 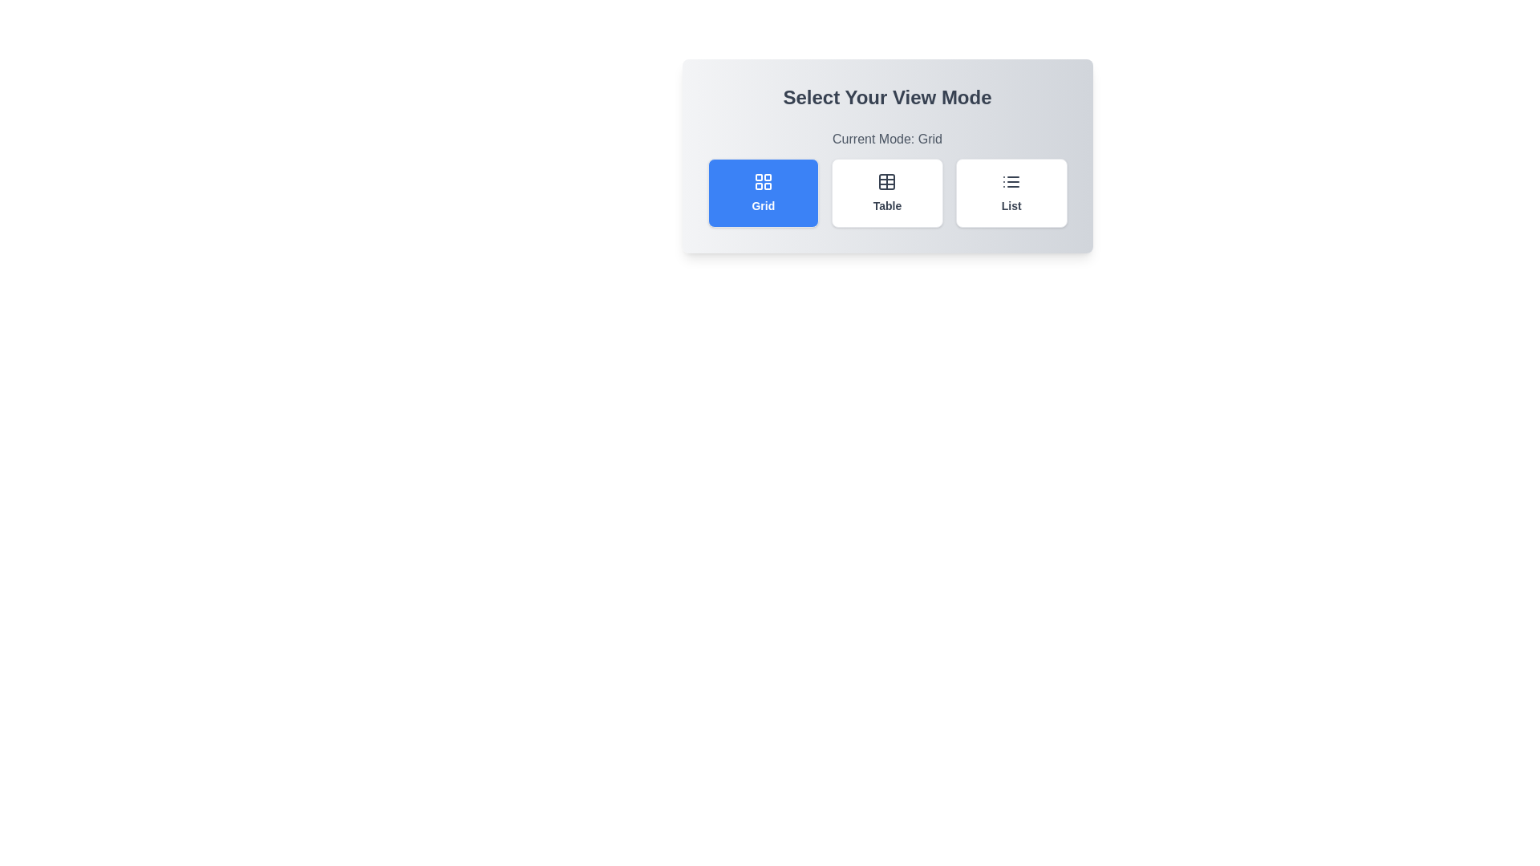 What do you see at coordinates (1011, 192) in the screenshot?
I see `the button with a white background and a 'List' label` at bounding box center [1011, 192].